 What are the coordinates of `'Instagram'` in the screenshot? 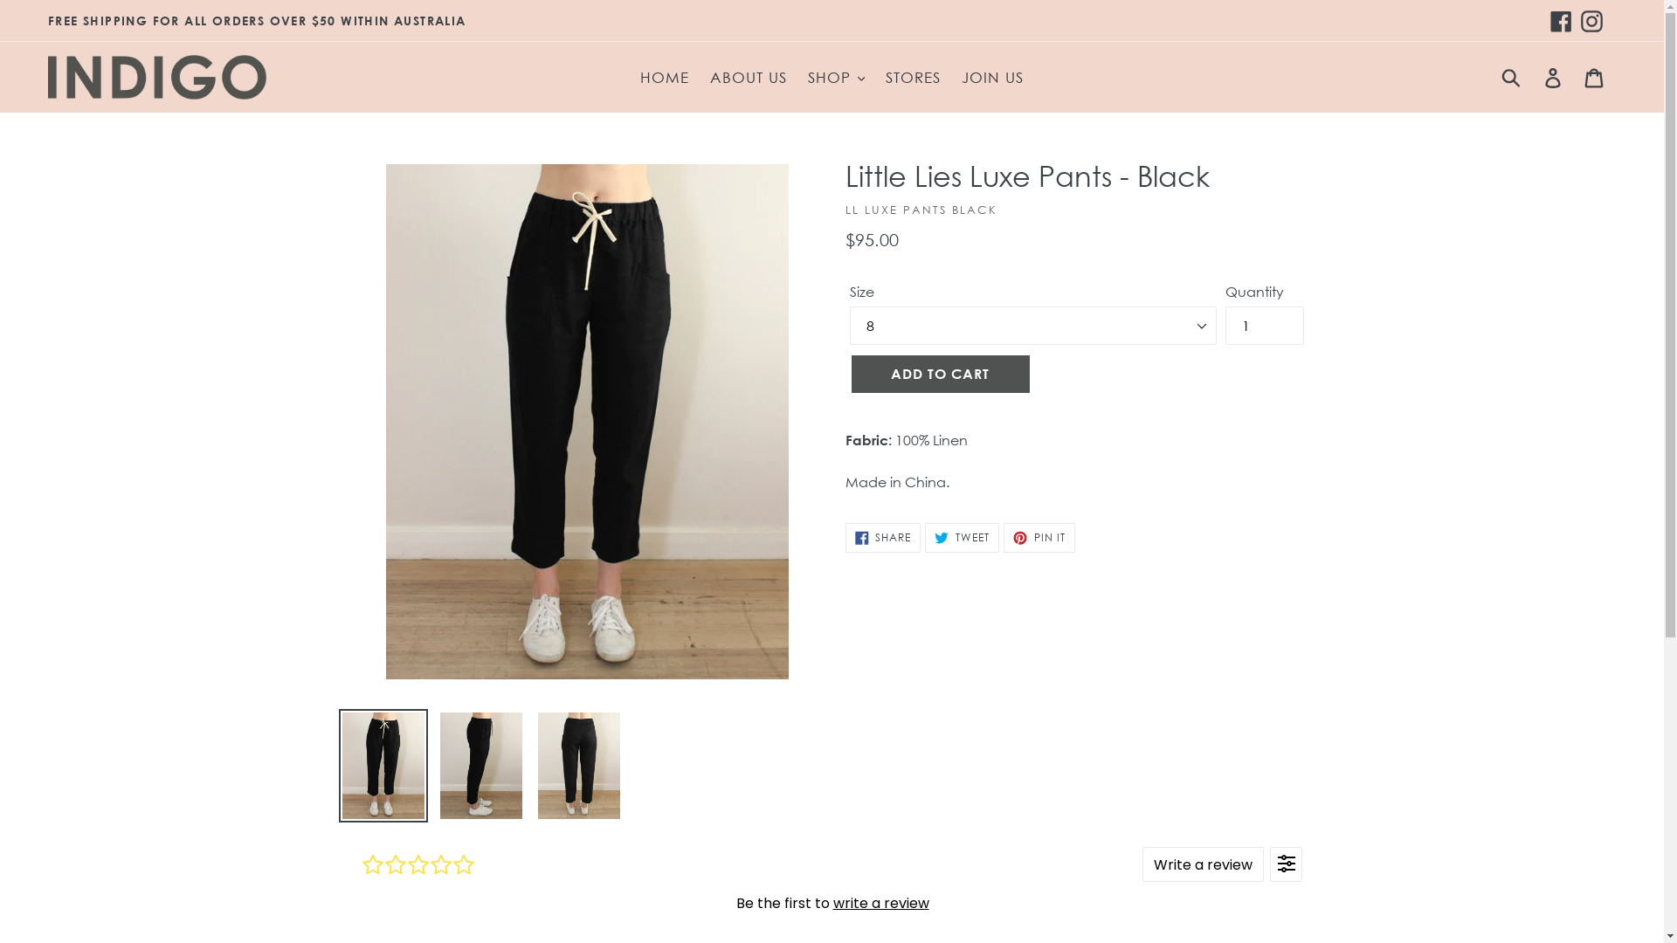 It's located at (1591, 20).